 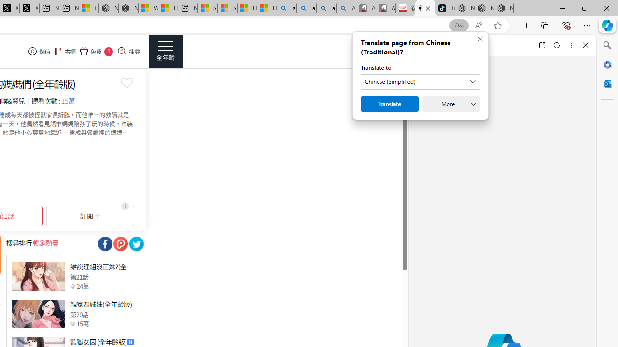 What do you see at coordinates (136, 243) in the screenshot?
I see `'Class: socialShare'` at bounding box center [136, 243].